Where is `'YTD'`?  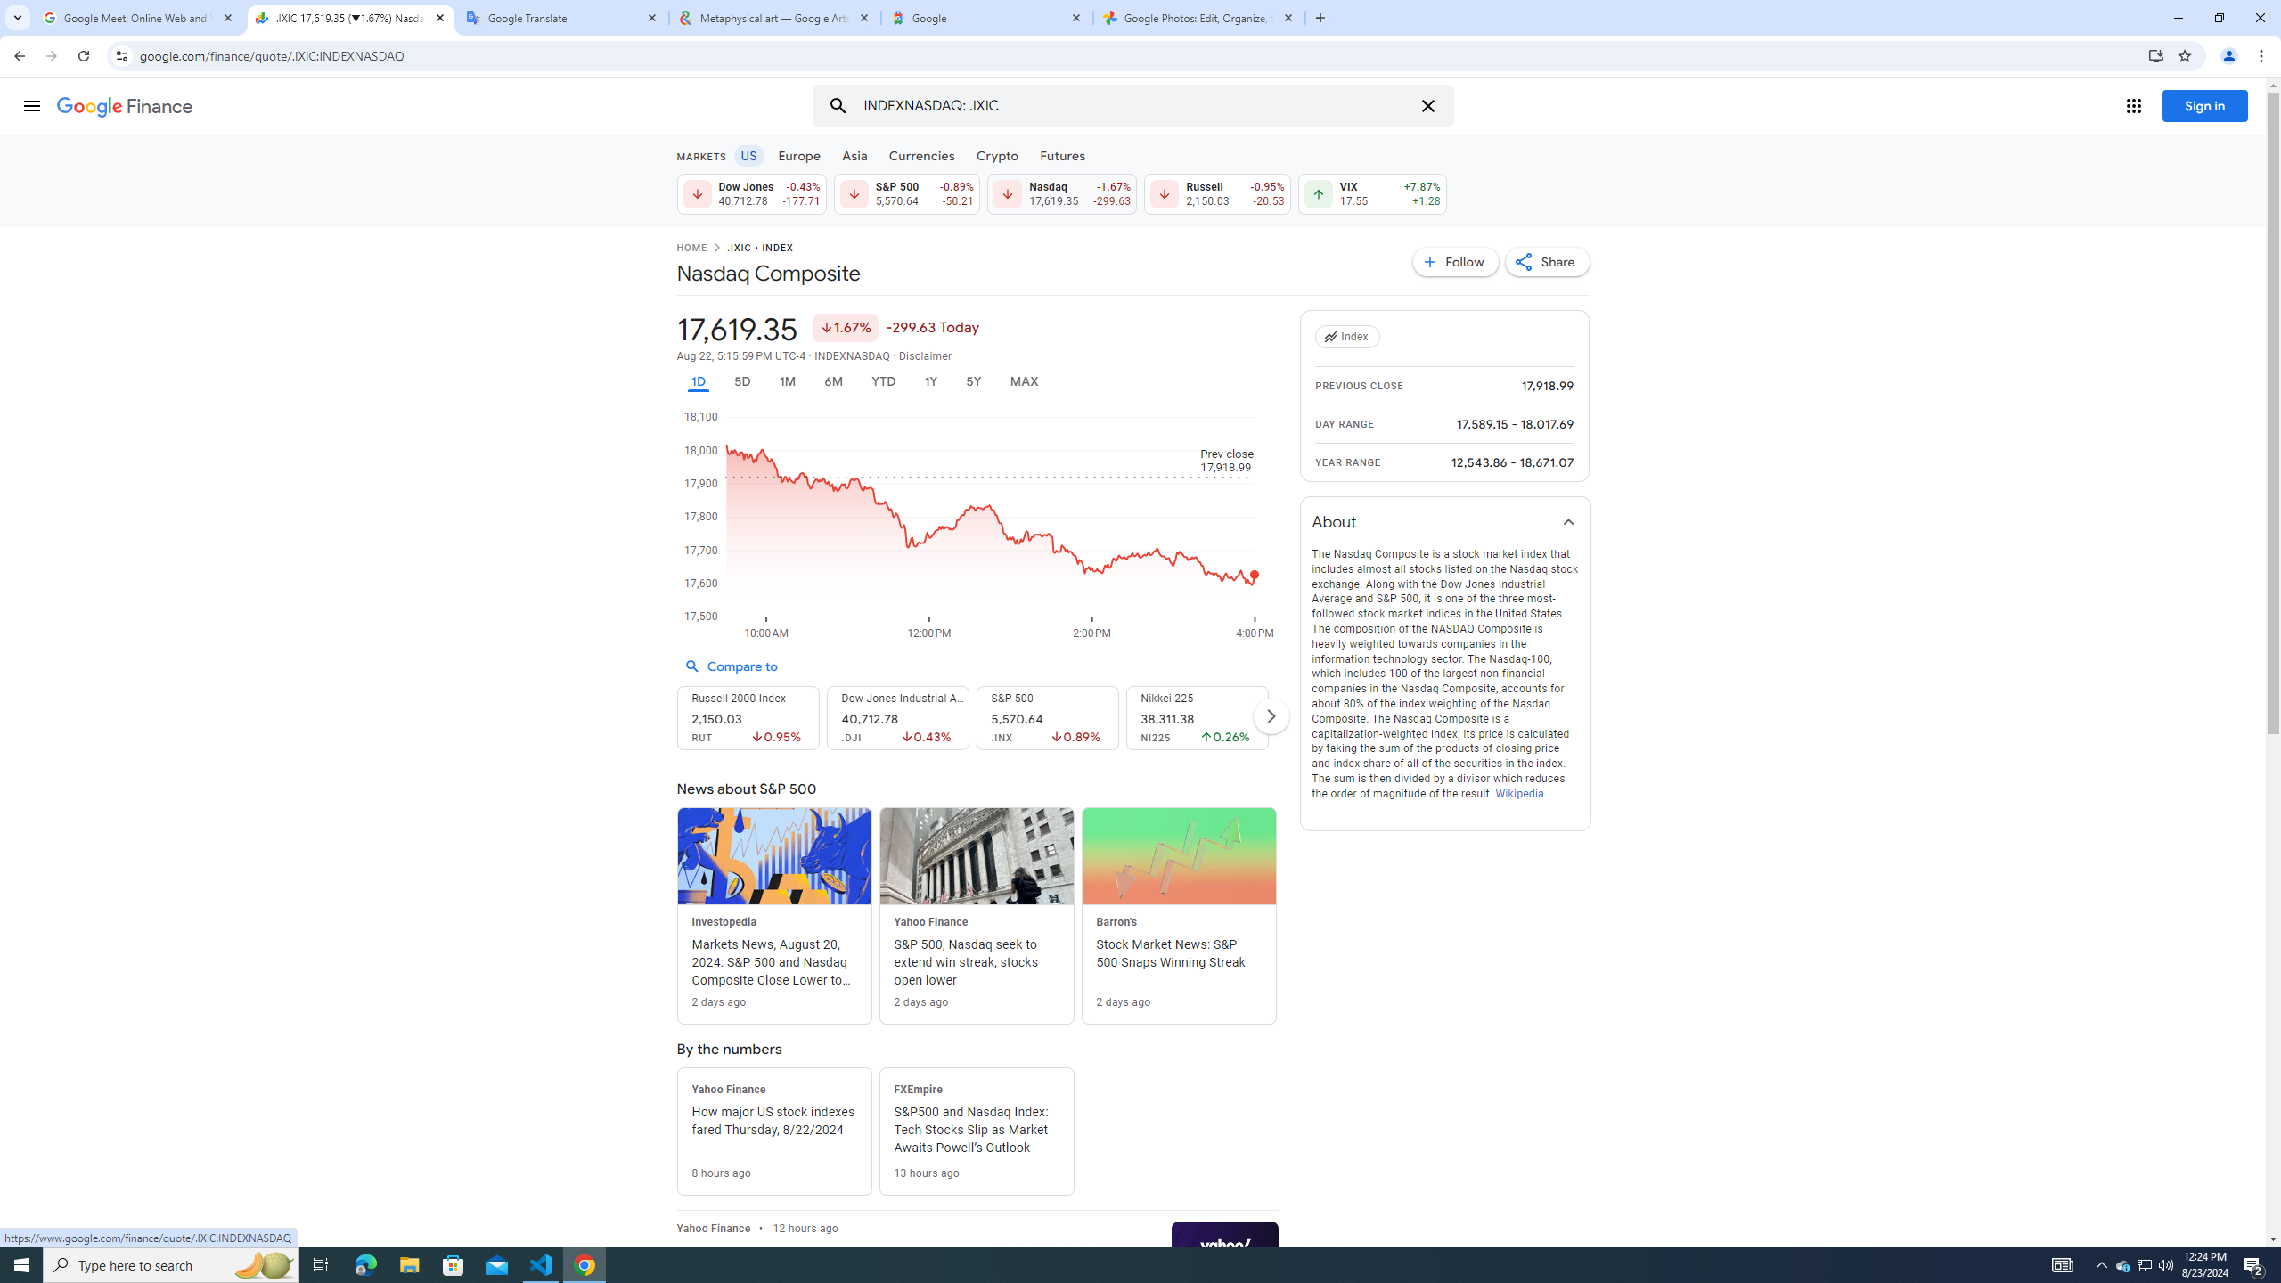
'YTD' is located at coordinates (882, 381).